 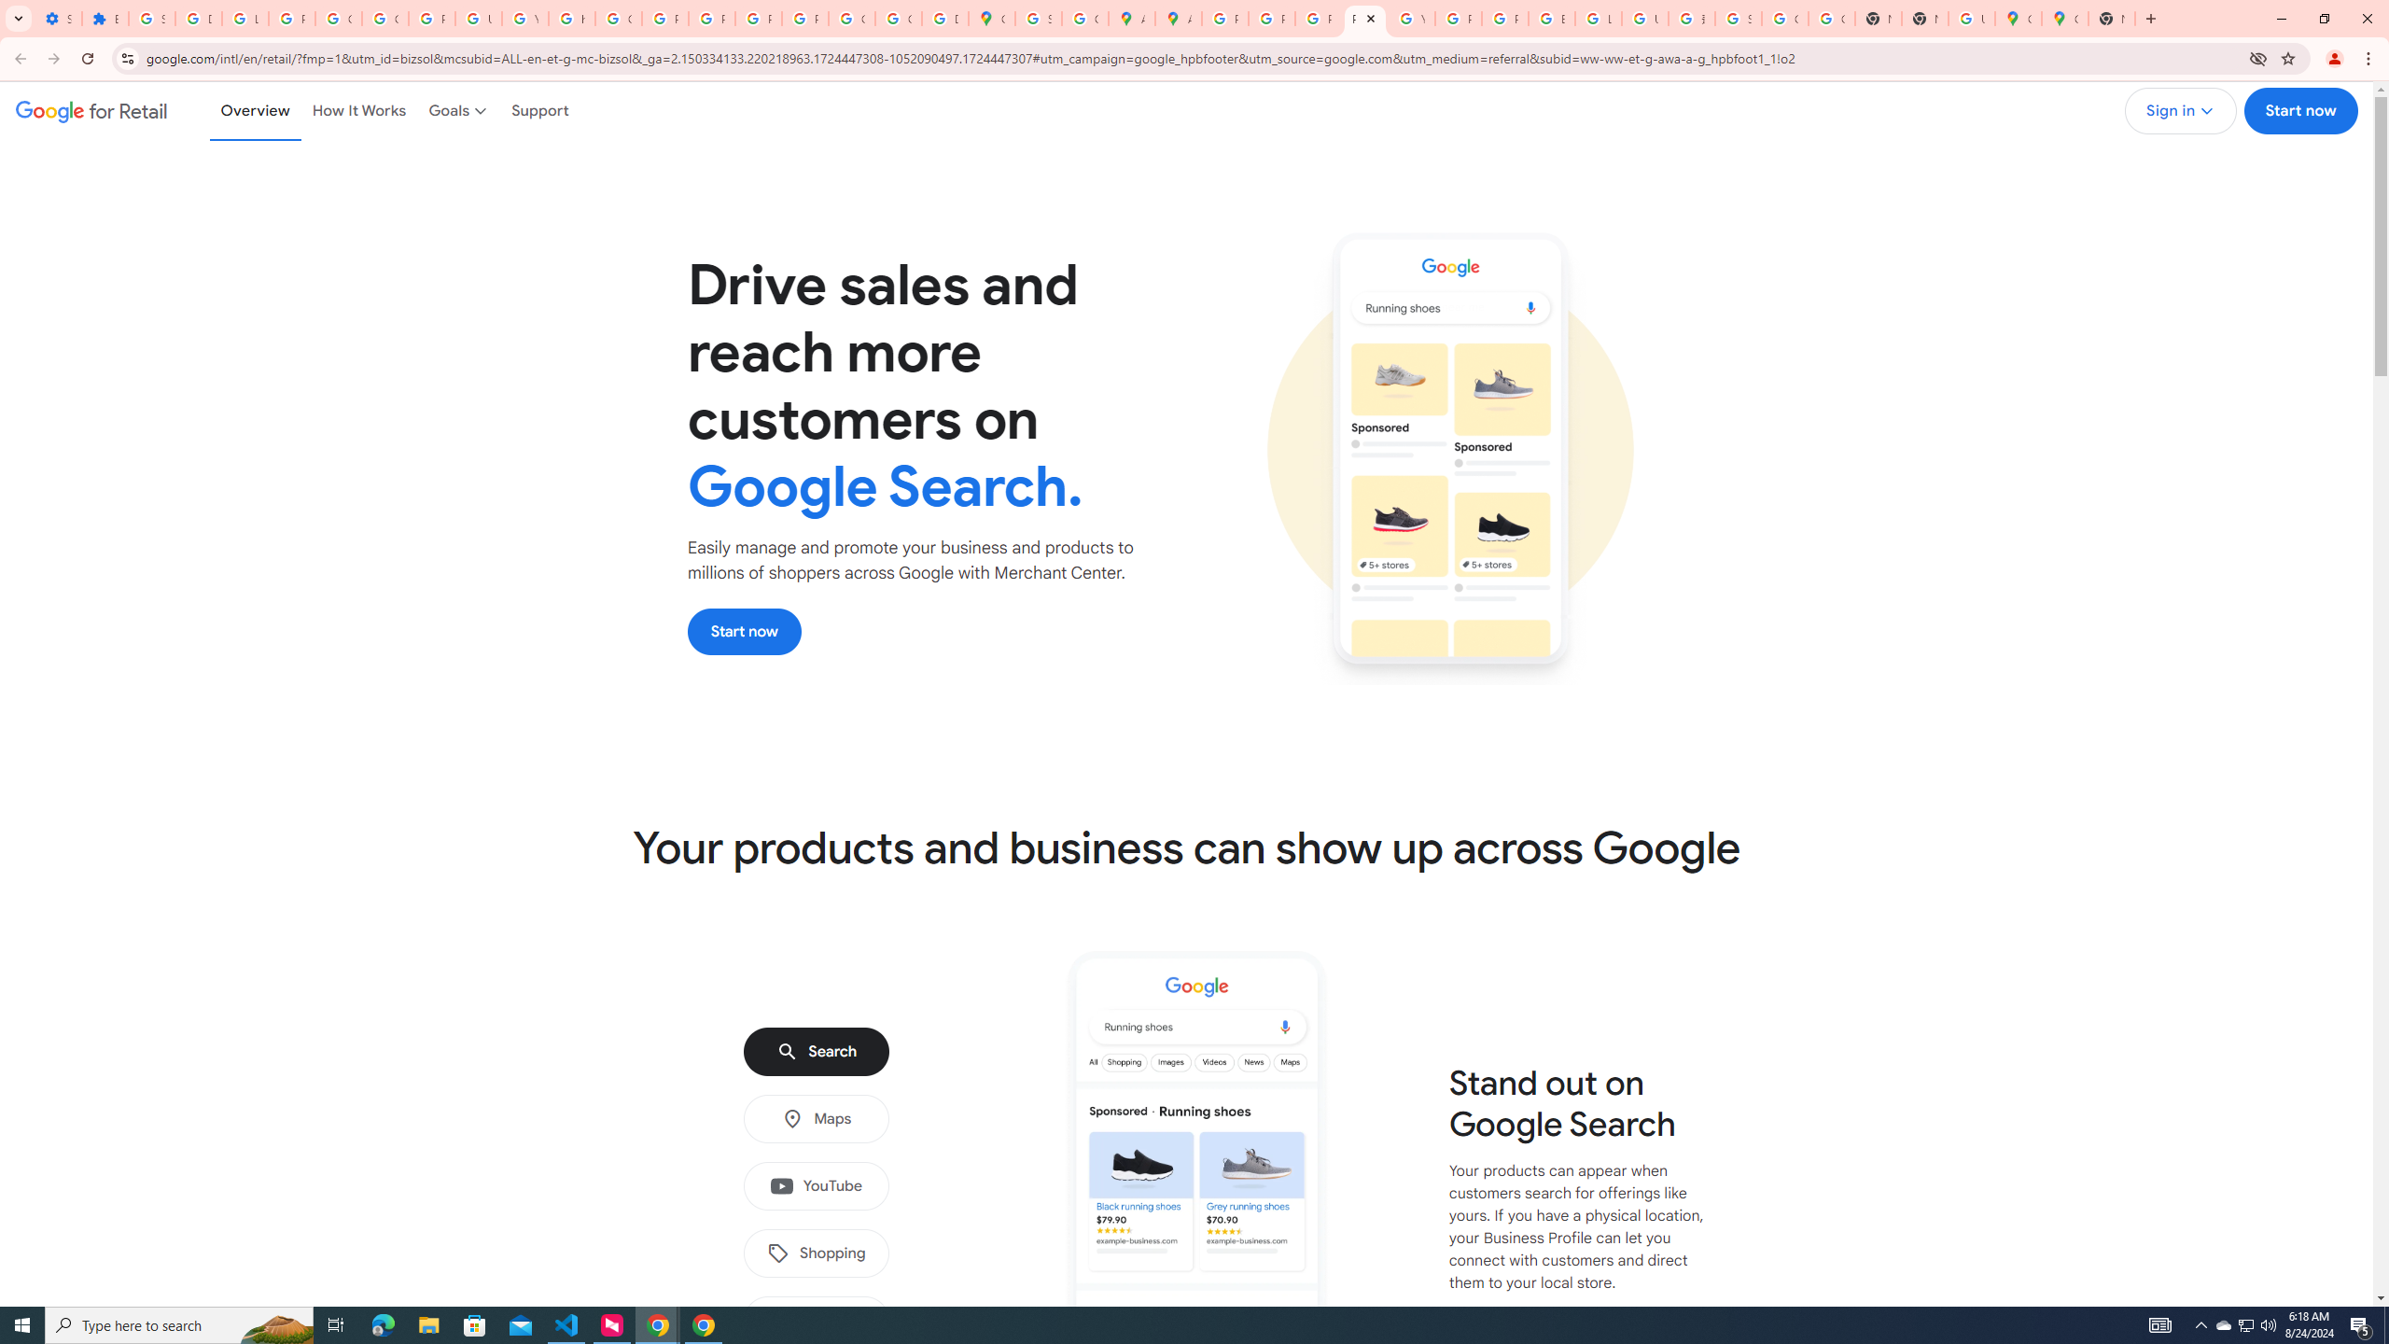 What do you see at coordinates (815, 1118) in the screenshot?
I see `'Maps'` at bounding box center [815, 1118].